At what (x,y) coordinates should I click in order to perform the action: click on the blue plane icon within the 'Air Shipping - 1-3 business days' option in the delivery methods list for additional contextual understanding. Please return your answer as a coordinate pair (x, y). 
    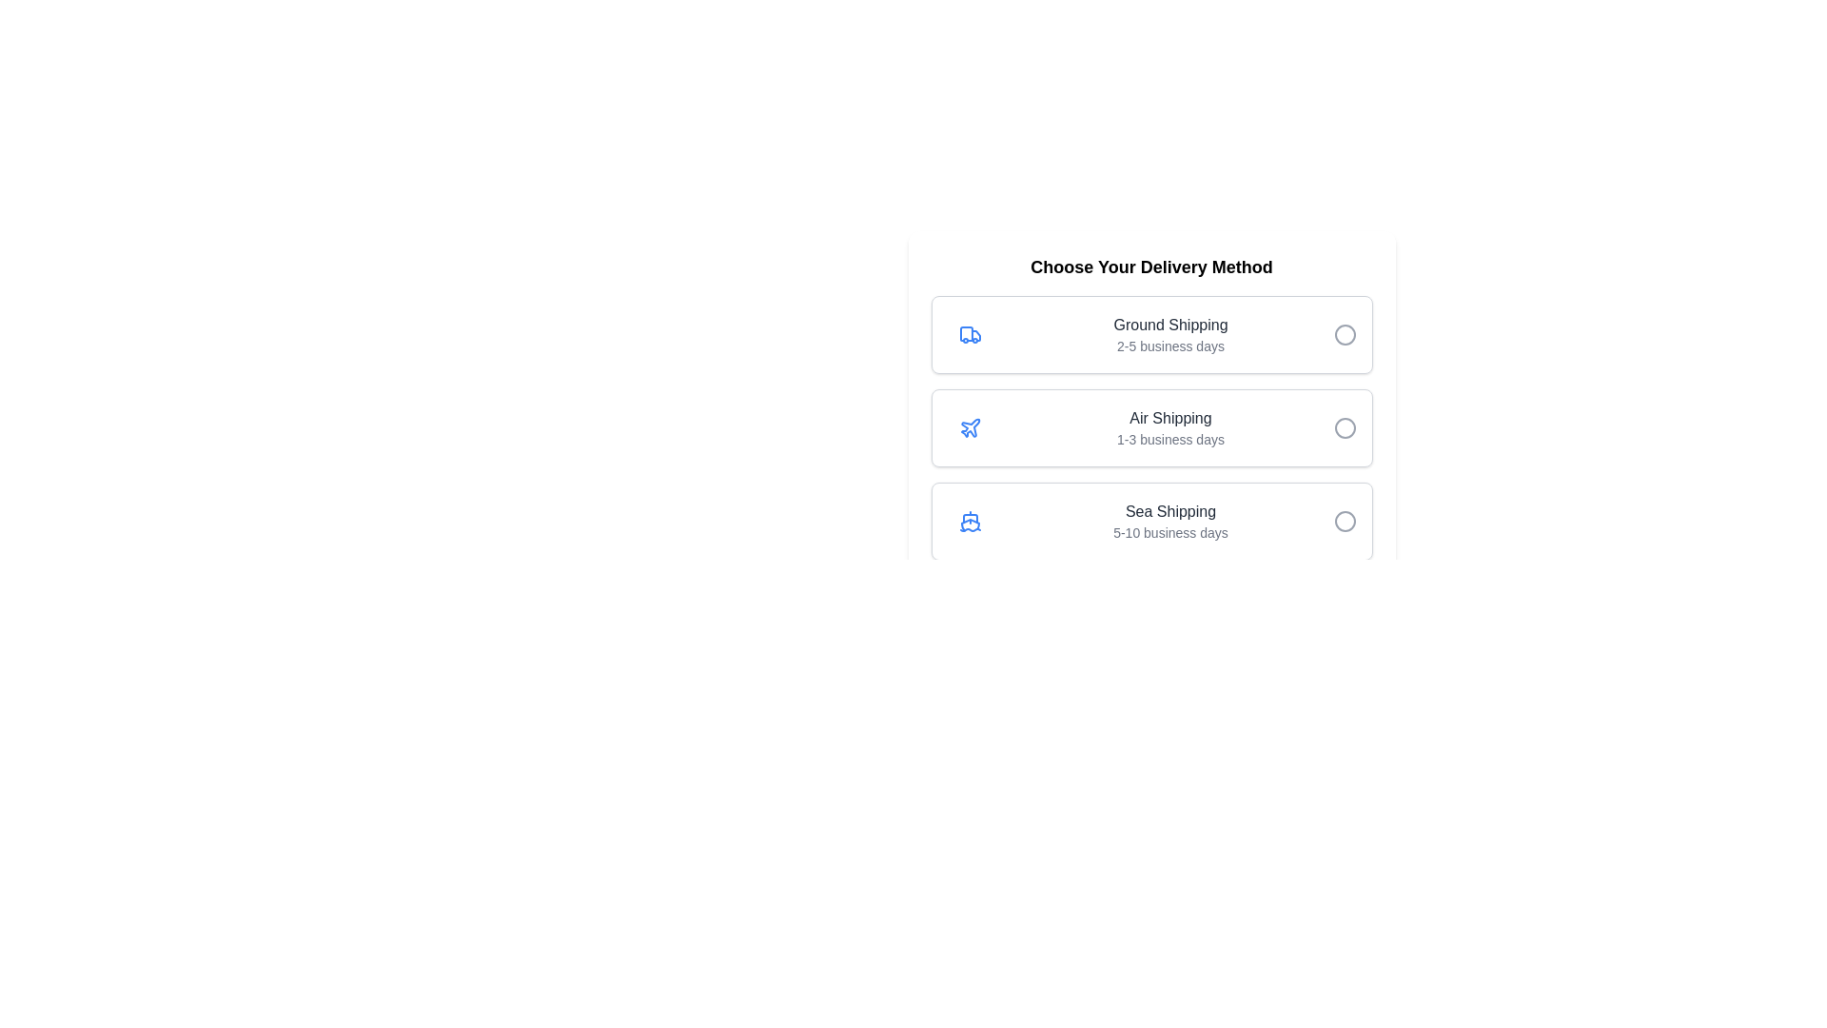
    Looking at the image, I should click on (970, 428).